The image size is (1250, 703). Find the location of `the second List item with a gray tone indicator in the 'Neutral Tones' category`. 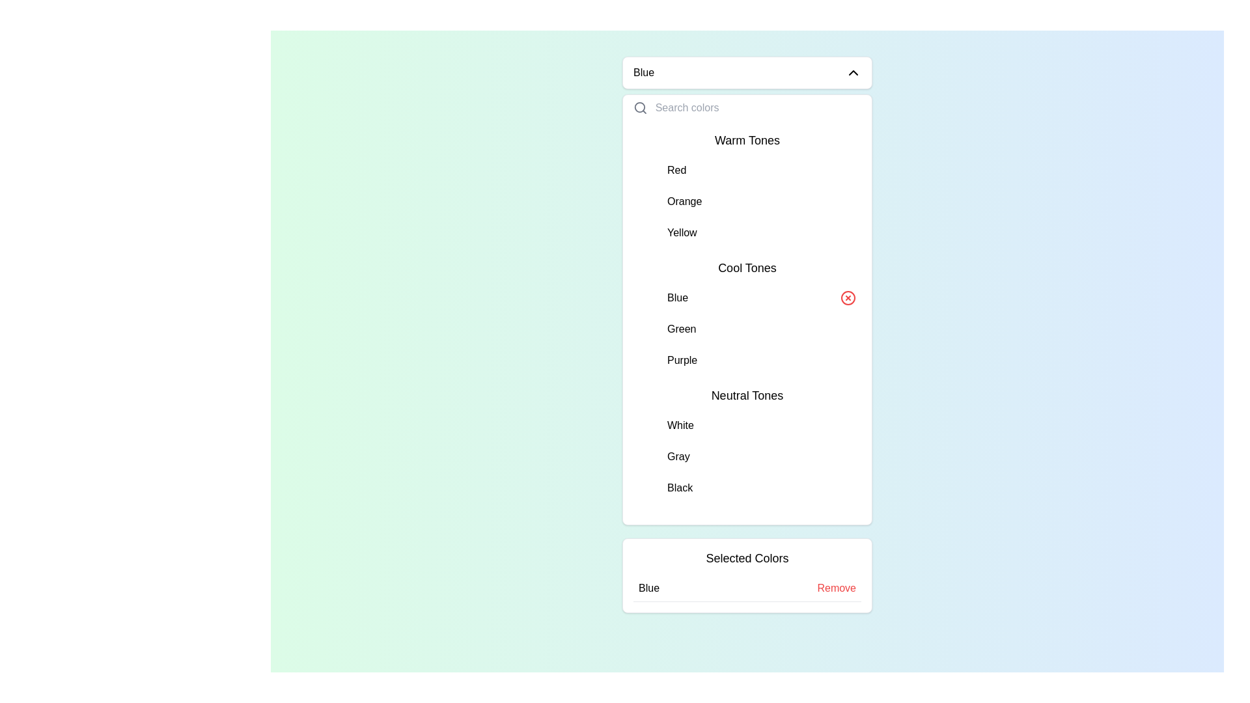

the second List item with a gray tone indicator in the 'Neutral Tones' category is located at coordinates (747, 456).